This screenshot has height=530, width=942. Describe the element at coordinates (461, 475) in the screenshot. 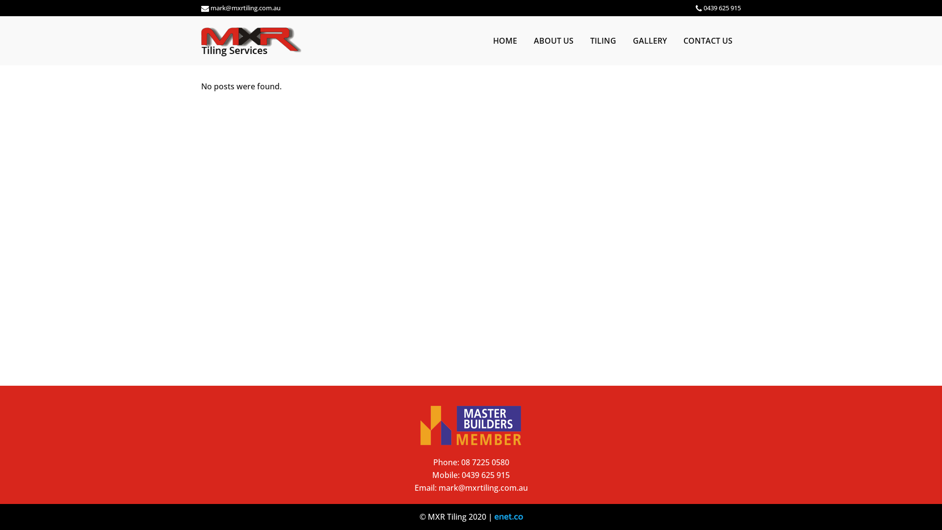

I see `'0439 625 915'` at that location.